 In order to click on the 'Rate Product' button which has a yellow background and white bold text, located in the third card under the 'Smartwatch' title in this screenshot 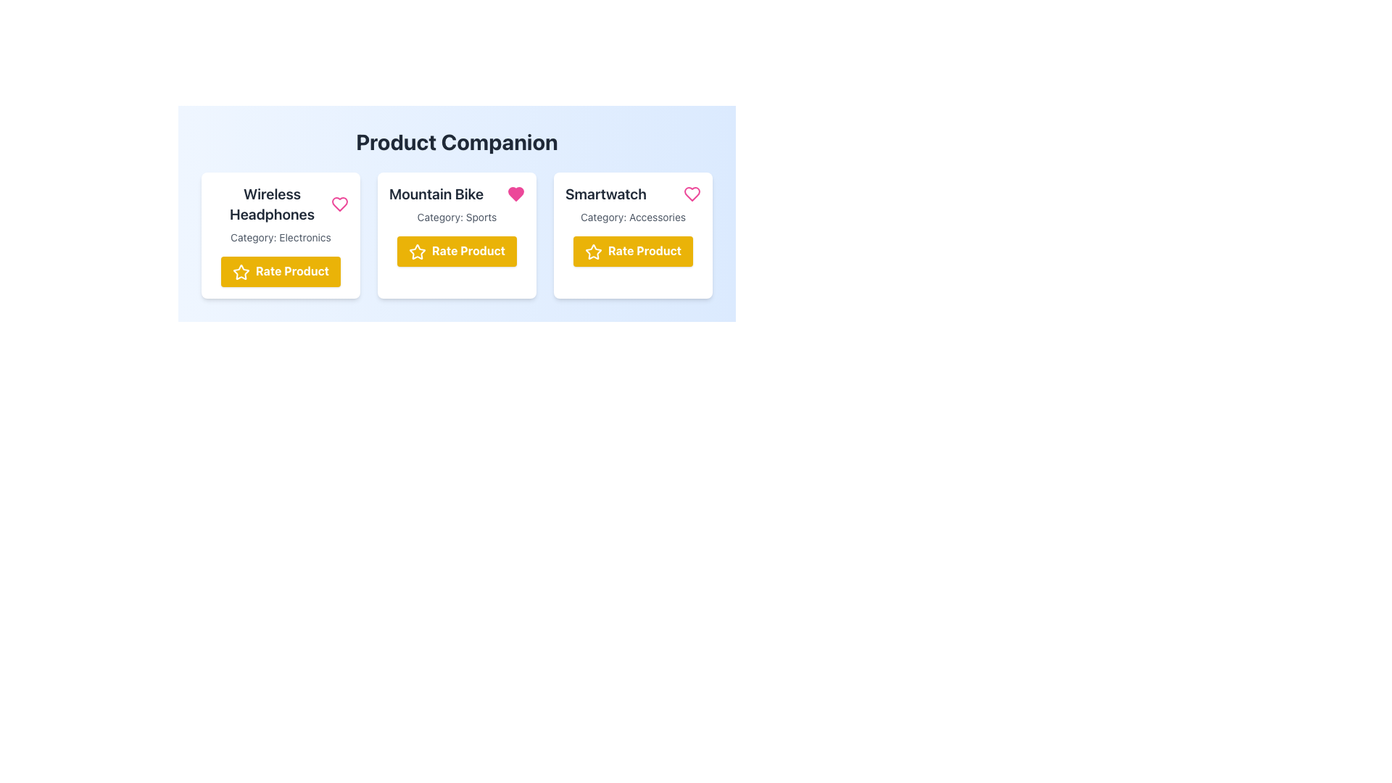, I will do `click(633, 250)`.